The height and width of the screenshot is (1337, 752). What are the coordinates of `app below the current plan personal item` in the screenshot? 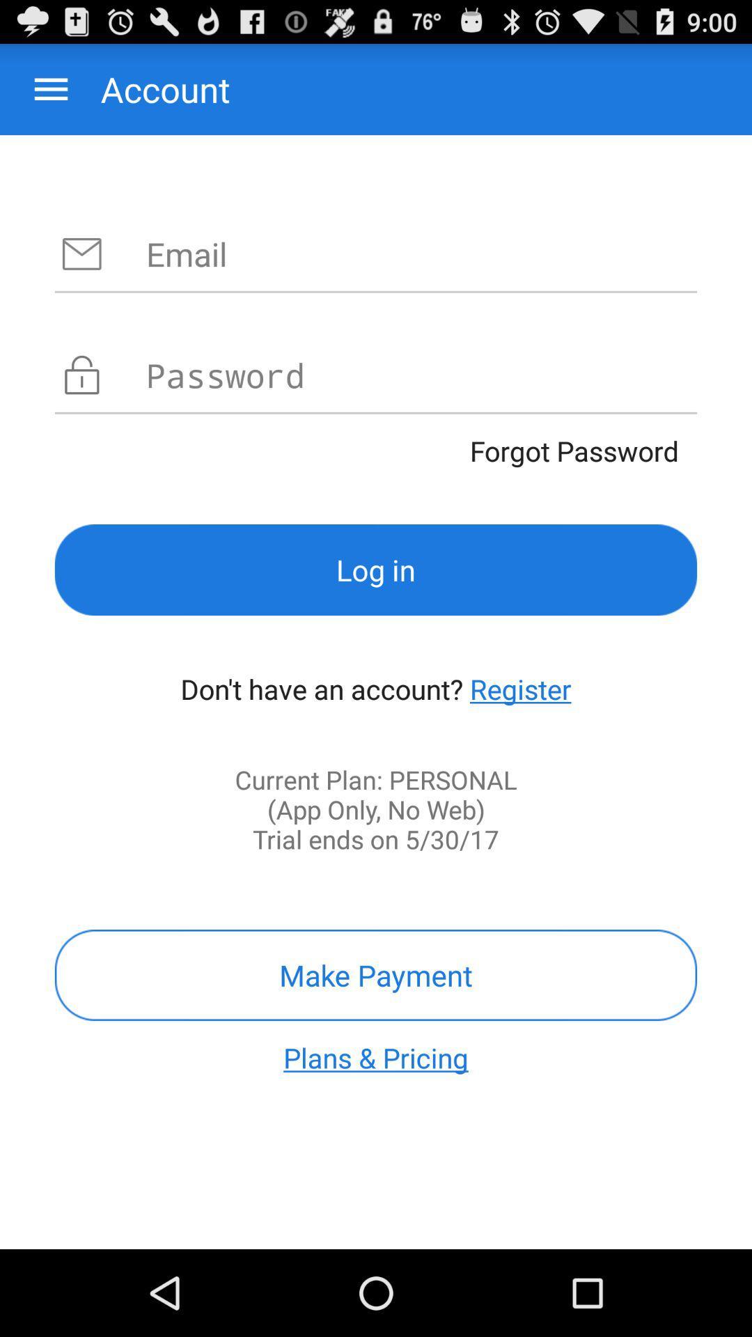 It's located at (376, 974).